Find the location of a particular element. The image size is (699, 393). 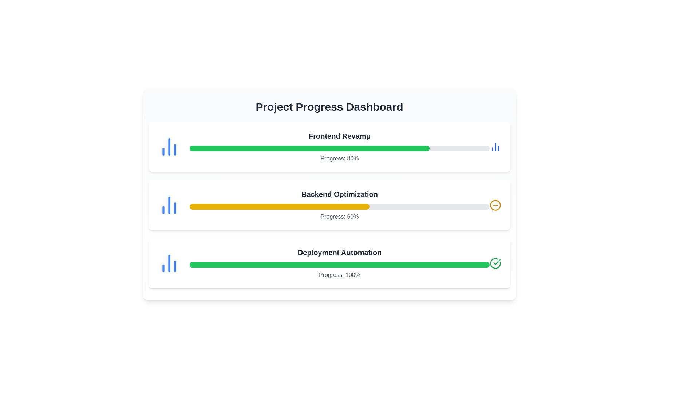

the text label displaying 'Progress: 60%' located below the progress bar in the 'Backend Optimization' section is located at coordinates (339, 217).